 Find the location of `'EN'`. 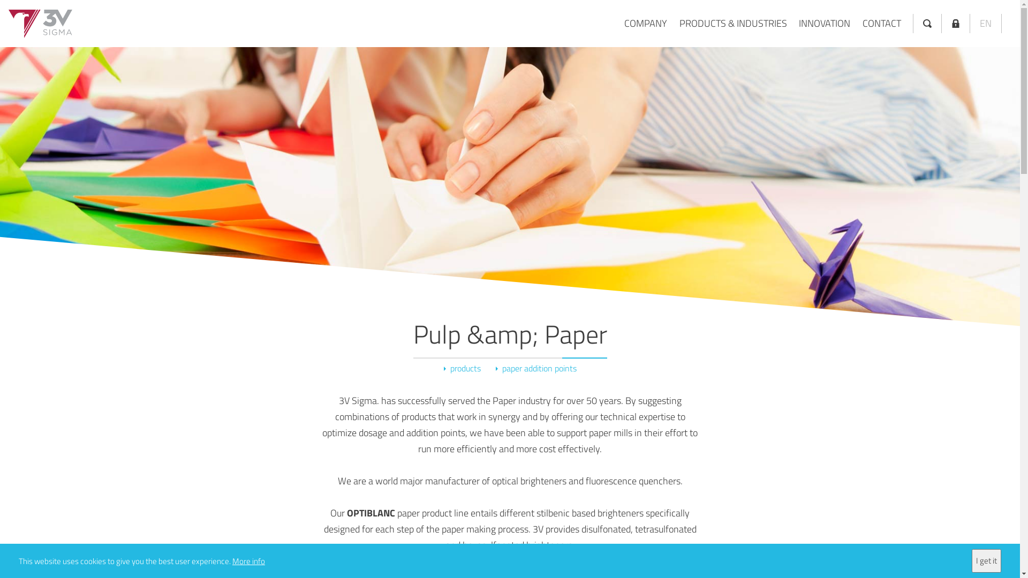

'EN' is located at coordinates (985, 23).